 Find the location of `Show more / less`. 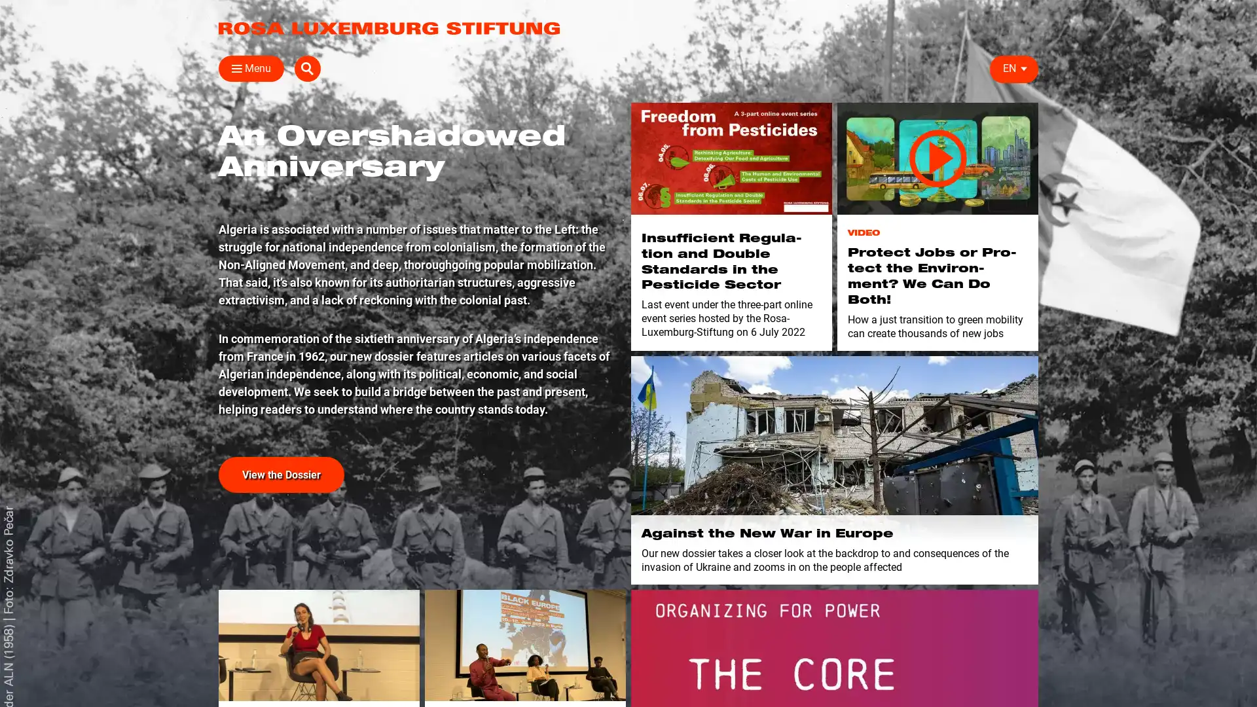

Show more / less is located at coordinates (213, 258).